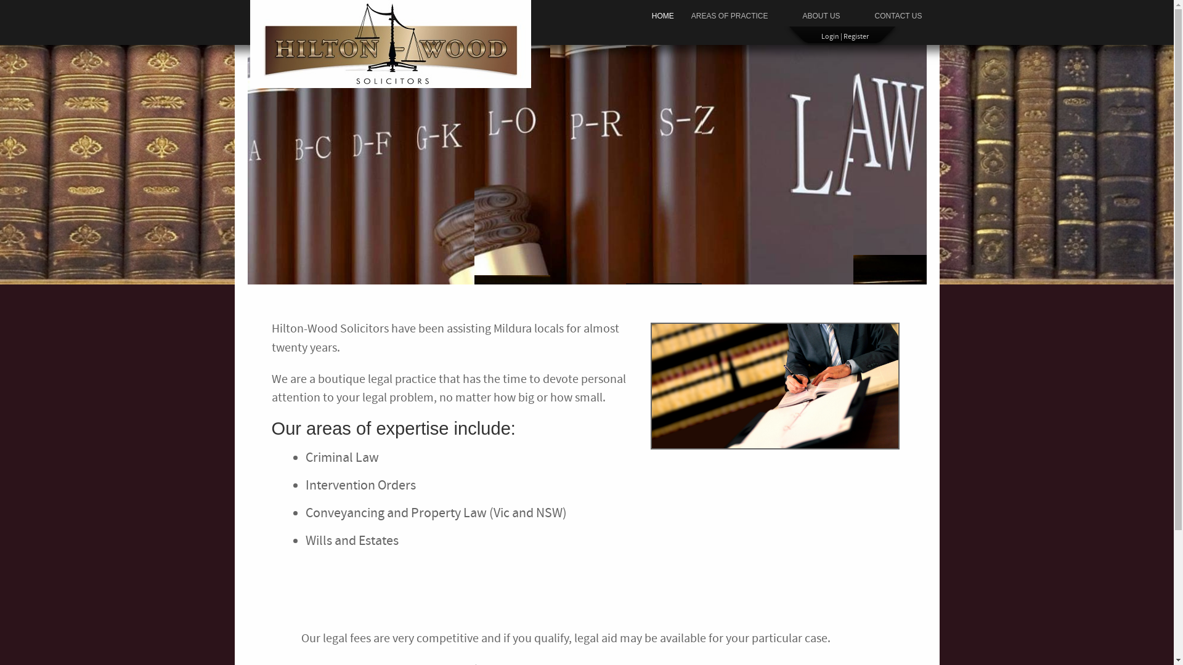  What do you see at coordinates (821, 16) in the screenshot?
I see `'ABOUT US'` at bounding box center [821, 16].